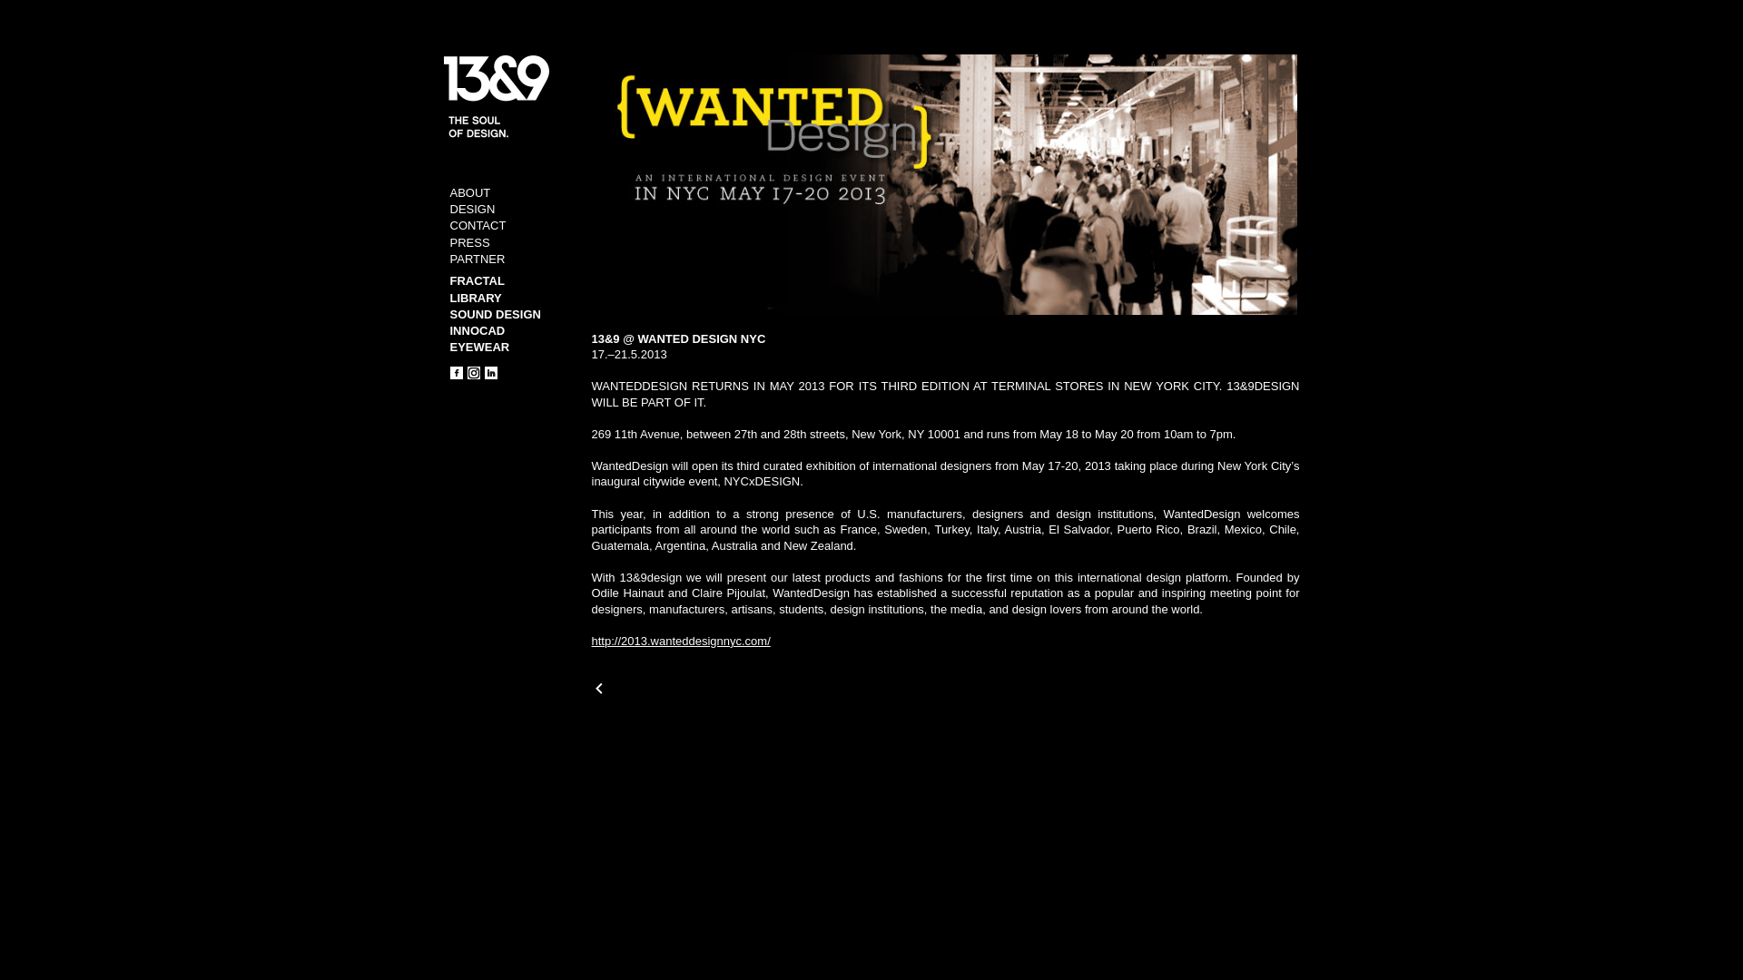  I want to click on 'PARTNER', so click(478, 259).